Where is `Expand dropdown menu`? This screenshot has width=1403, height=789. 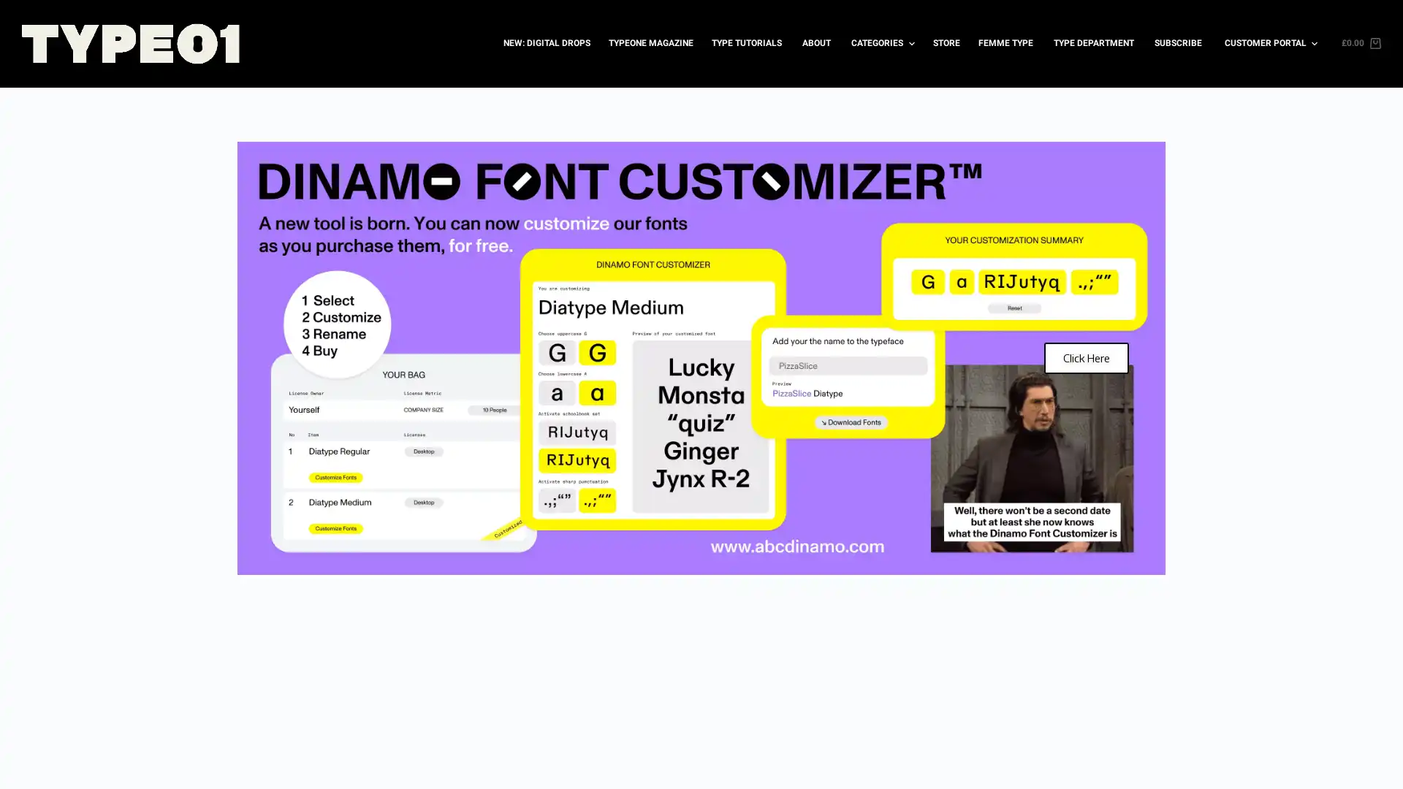 Expand dropdown menu is located at coordinates (910, 43).